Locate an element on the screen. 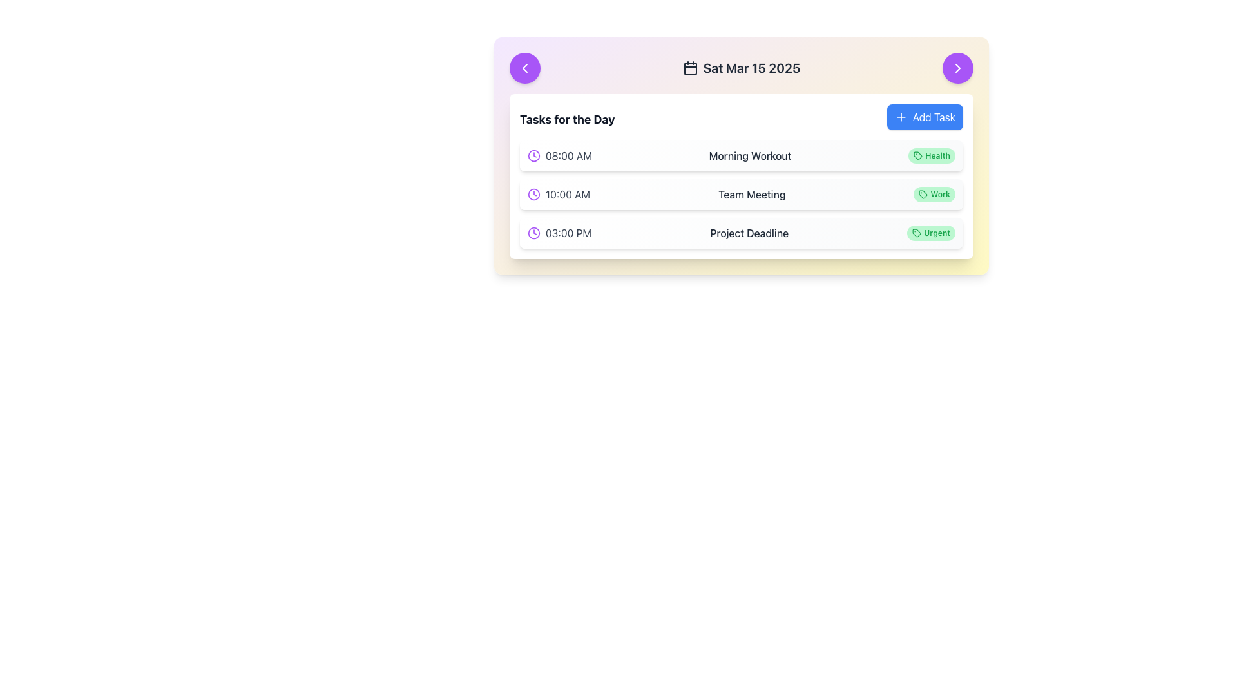 This screenshot has height=696, width=1237. the second list item, which displays 'Team Meeting' in bold and is tagged as 'Work' is located at coordinates (742, 194).